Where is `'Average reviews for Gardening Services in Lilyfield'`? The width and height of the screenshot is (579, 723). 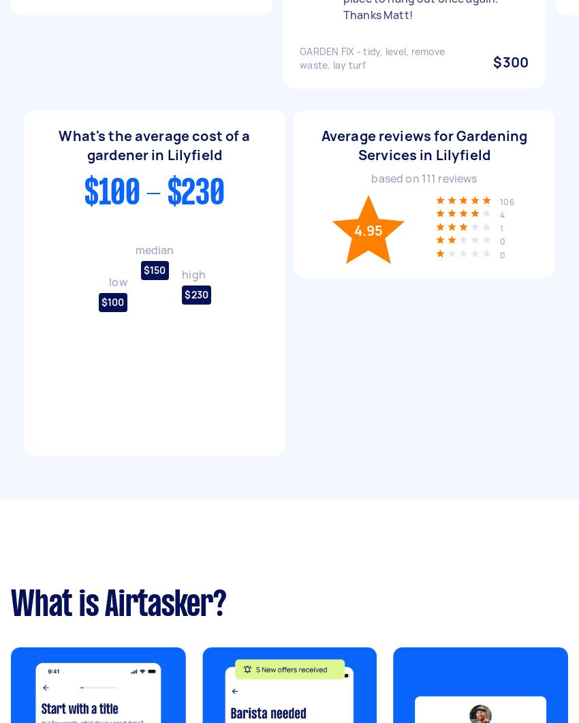 'Average reviews for Gardening Services in Lilyfield' is located at coordinates (423, 144).